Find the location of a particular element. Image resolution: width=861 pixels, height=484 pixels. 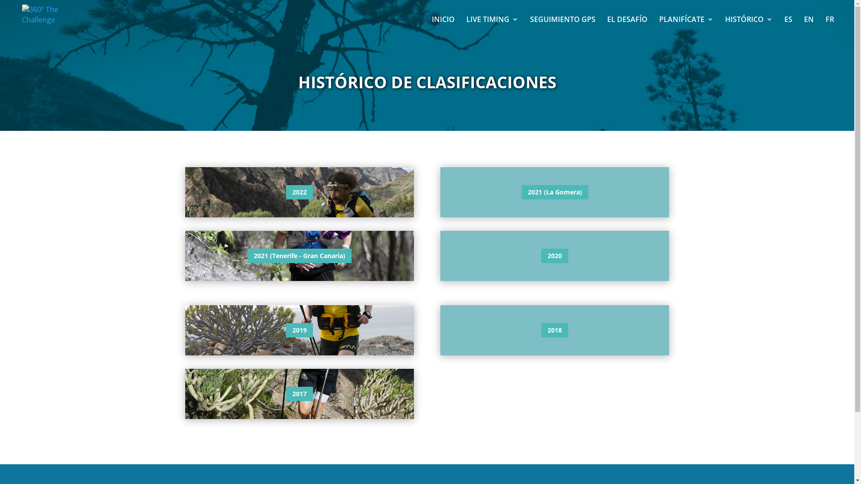

'2022' is located at coordinates (299, 191).